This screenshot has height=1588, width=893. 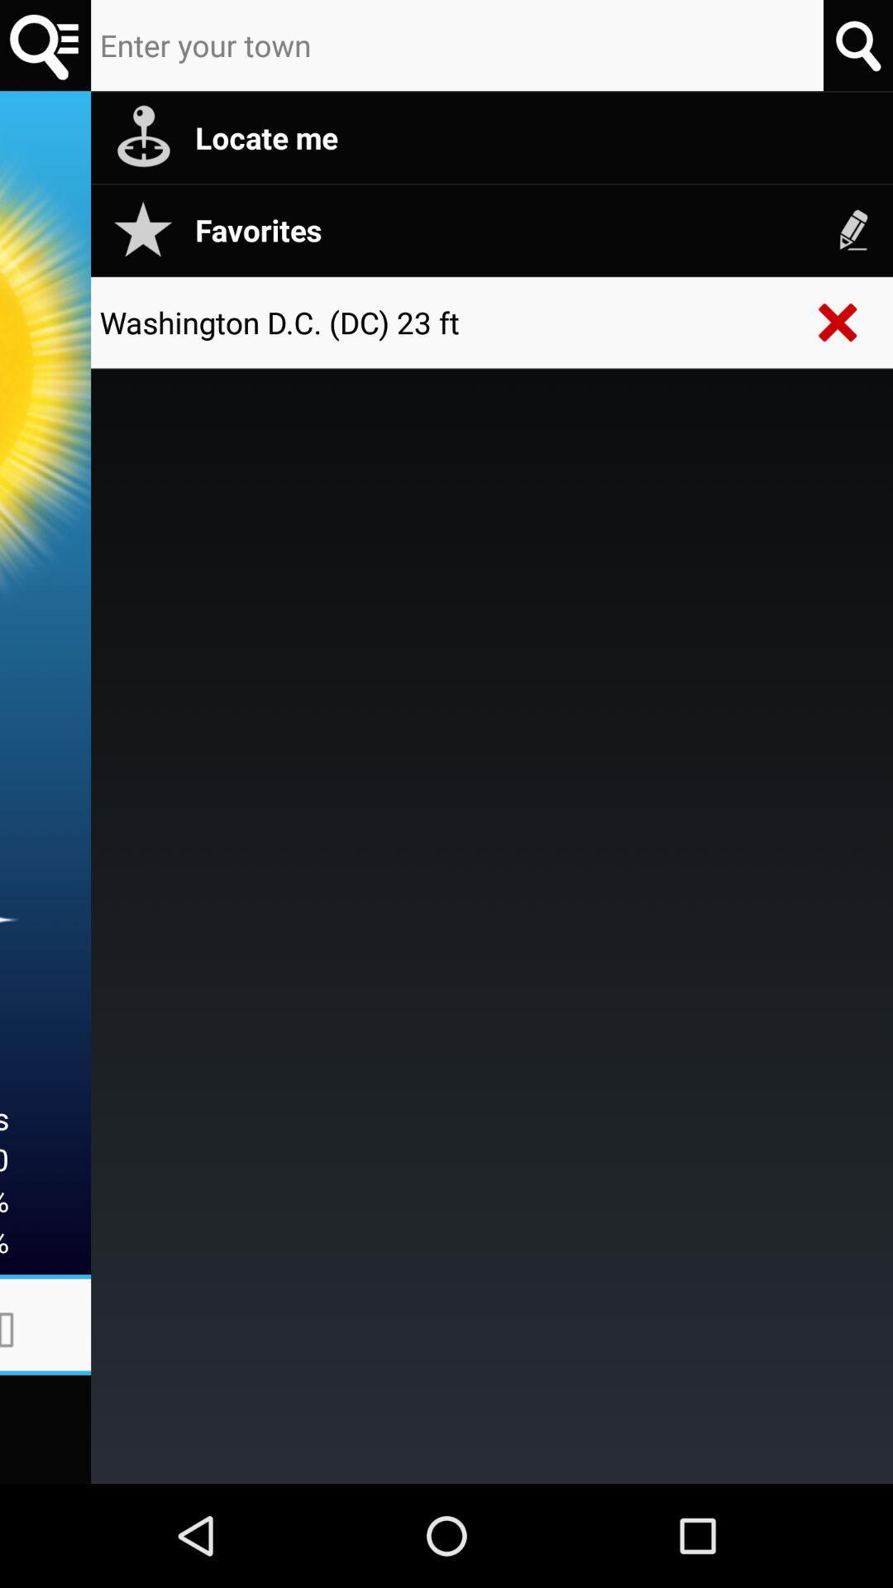 I want to click on locate me, so click(x=535, y=137).